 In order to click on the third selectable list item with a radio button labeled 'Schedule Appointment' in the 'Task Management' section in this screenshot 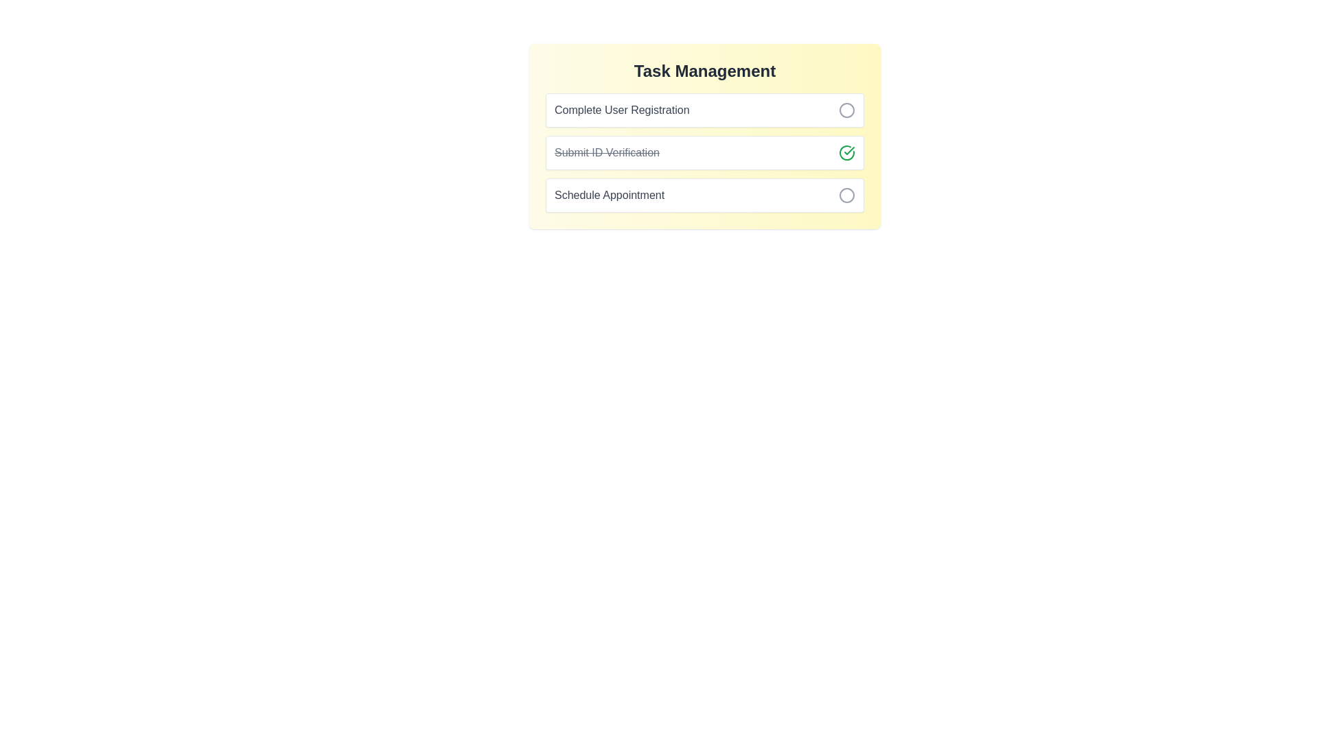, I will do `click(705, 196)`.